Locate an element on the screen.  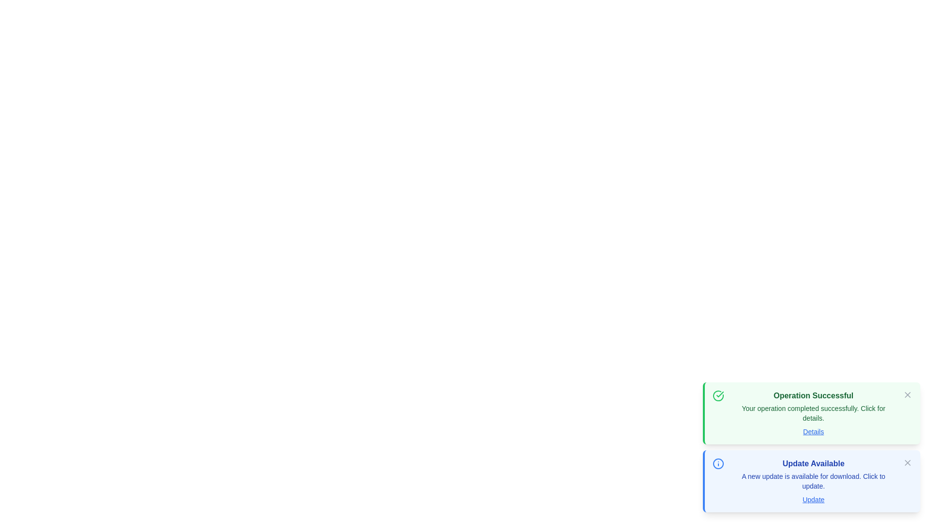
the close button located at the top-right corner of the 'Operation Successful' notification is located at coordinates (907, 394).